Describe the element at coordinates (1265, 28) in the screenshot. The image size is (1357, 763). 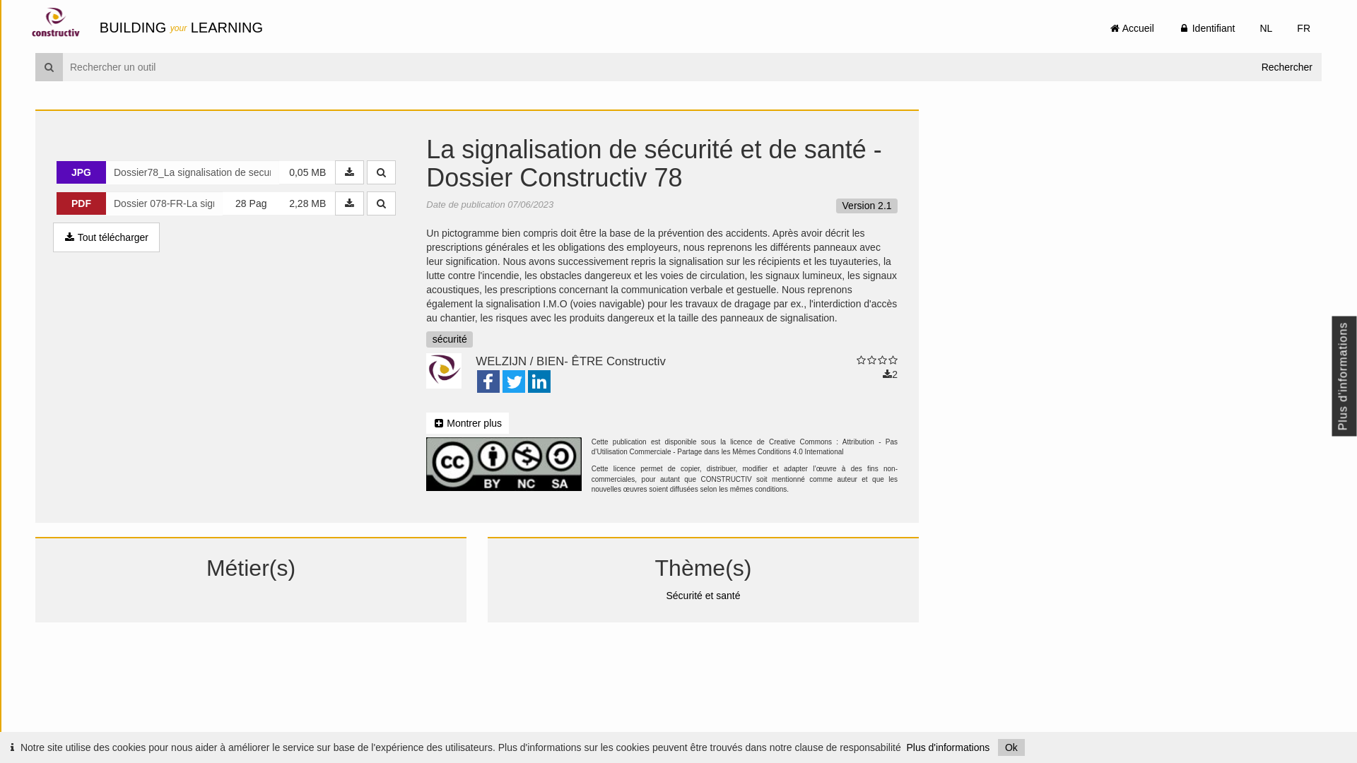
I see `'NL'` at that location.